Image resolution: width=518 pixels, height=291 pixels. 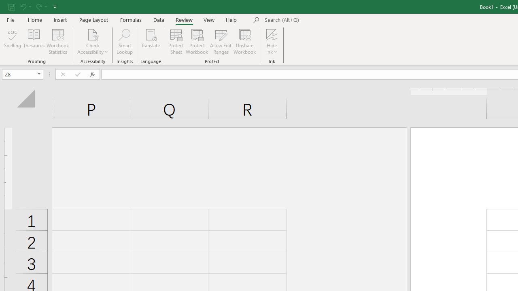 I want to click on 'Check Accessibility', so click(x=93, y=42).